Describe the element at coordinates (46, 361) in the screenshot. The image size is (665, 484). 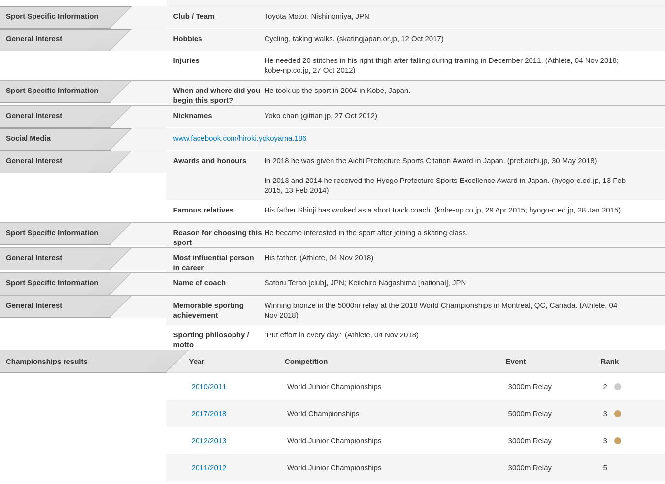
I see `'Championships results'` at that location.